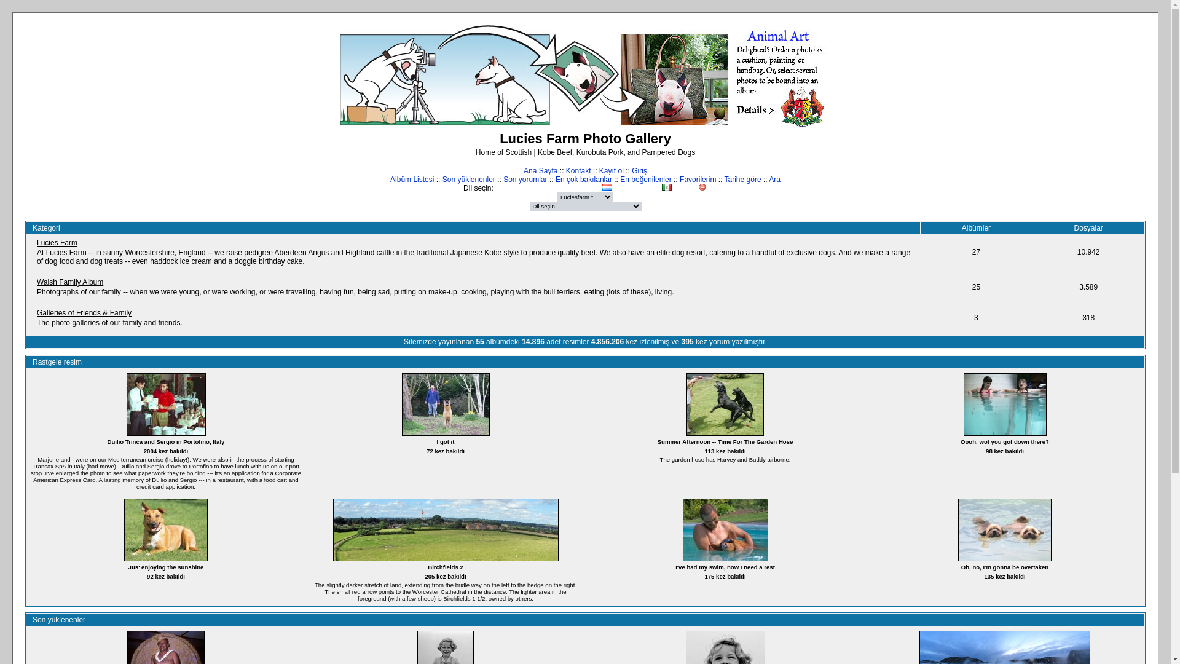 The image size is (1180, 664). Describe the element at coordinates (69, 282) in the screenshot. I see `'Walsh Family Album'` at that location.